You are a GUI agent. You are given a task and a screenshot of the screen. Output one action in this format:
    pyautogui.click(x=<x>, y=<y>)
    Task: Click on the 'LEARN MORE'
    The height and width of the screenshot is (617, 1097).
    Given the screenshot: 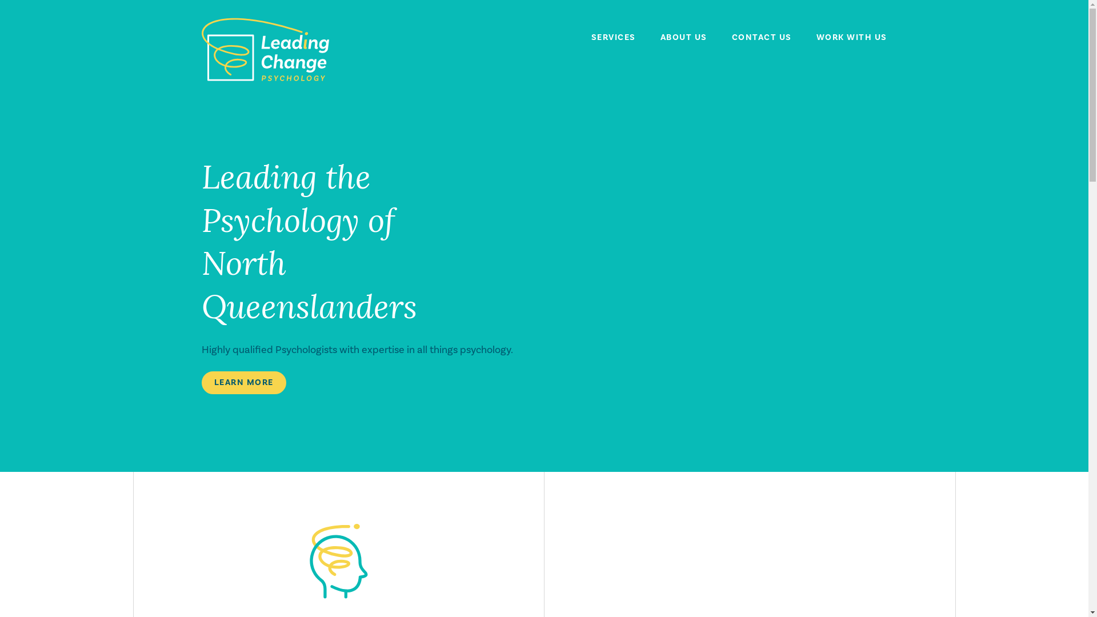 What is the action you would take?
    pyautogui.click(x=243, y=383)
    